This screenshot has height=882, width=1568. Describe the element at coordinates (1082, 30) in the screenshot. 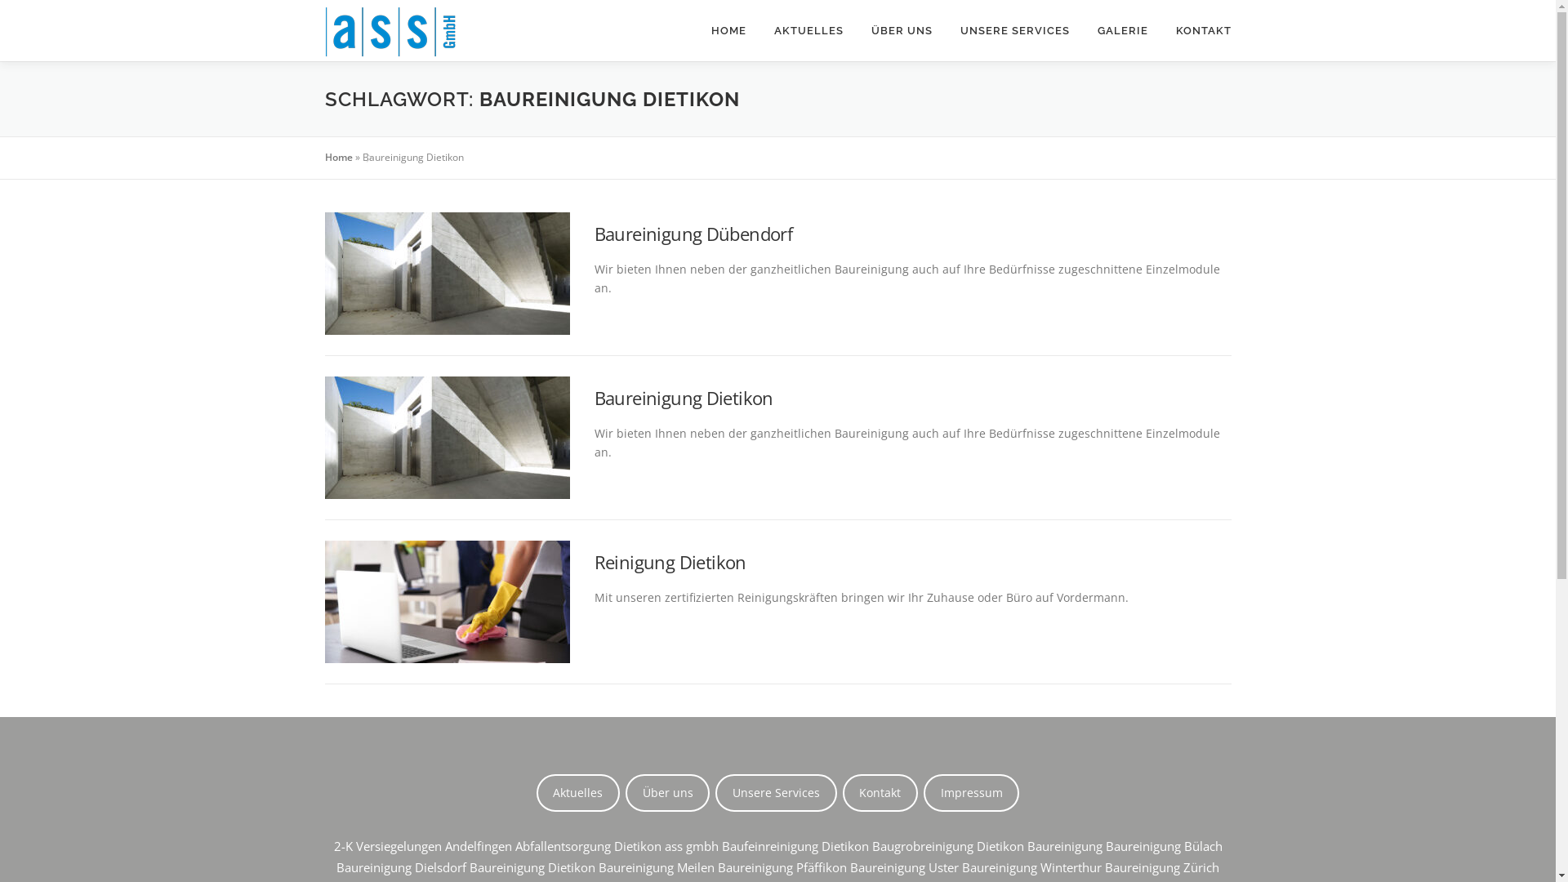

I see `'GALERIE'` at that location.